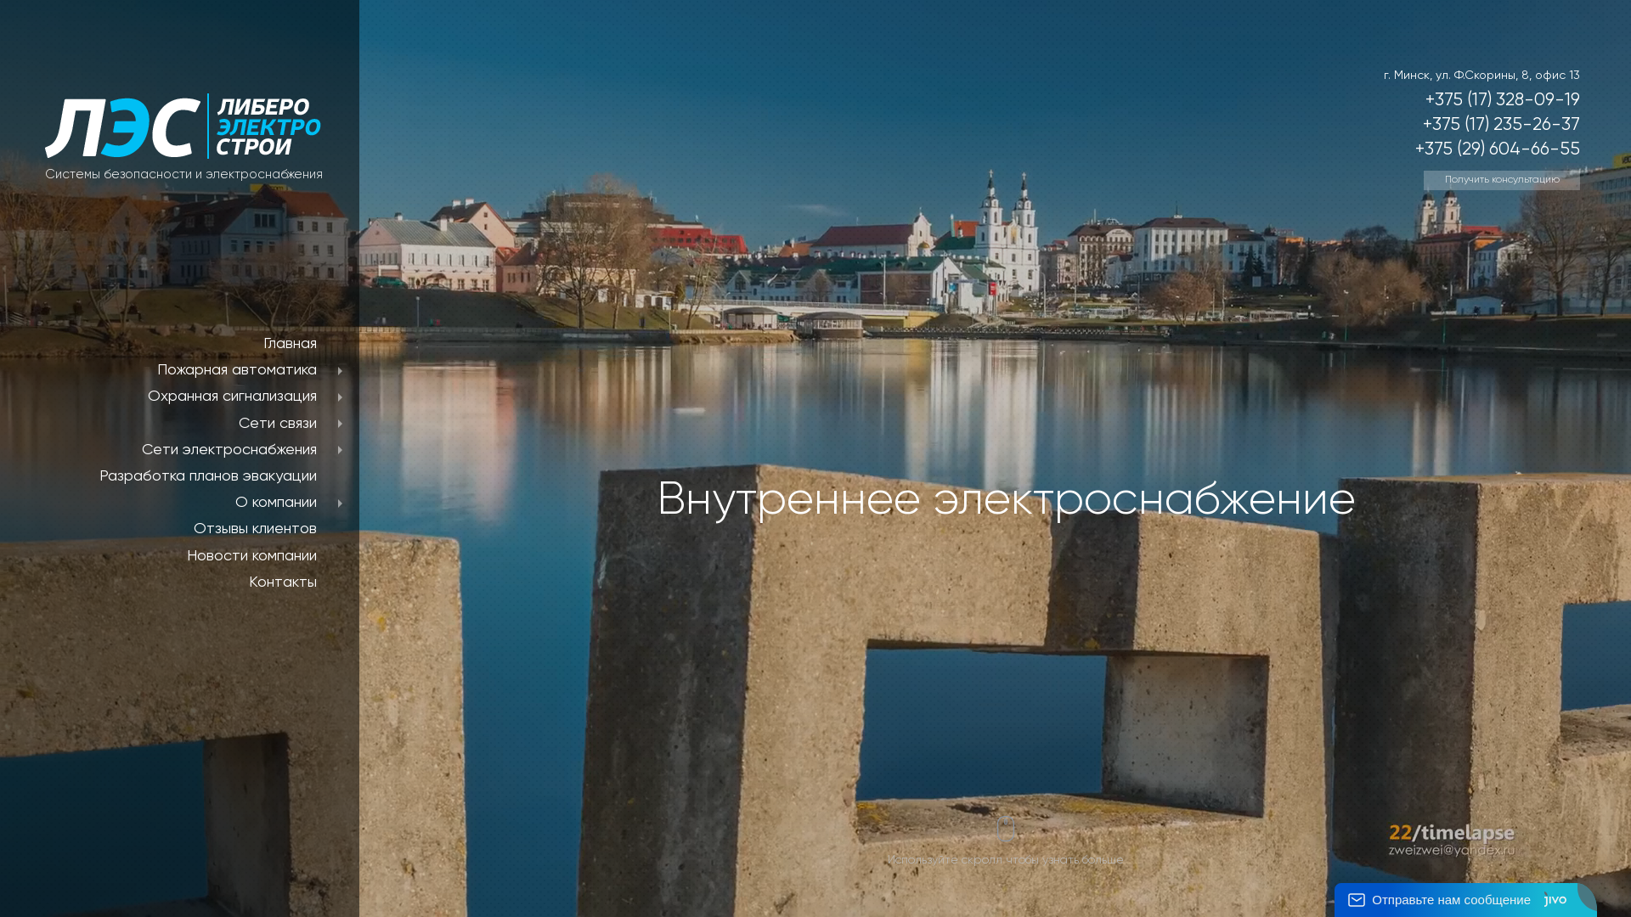  I want to click on '+375 (29) 604-66-55', so click(1497, 149).